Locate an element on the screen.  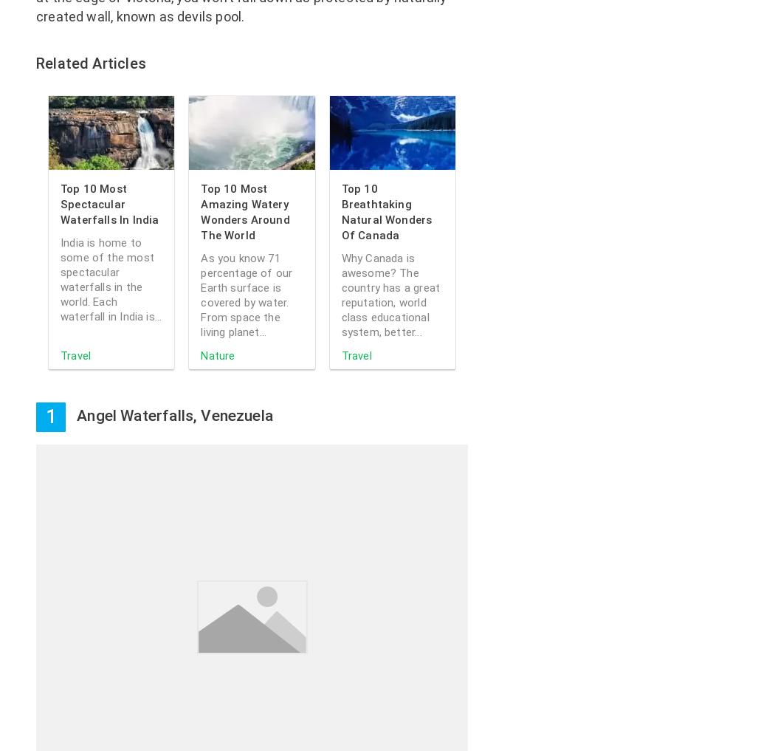
'1' is located at coordinates (49, 416).